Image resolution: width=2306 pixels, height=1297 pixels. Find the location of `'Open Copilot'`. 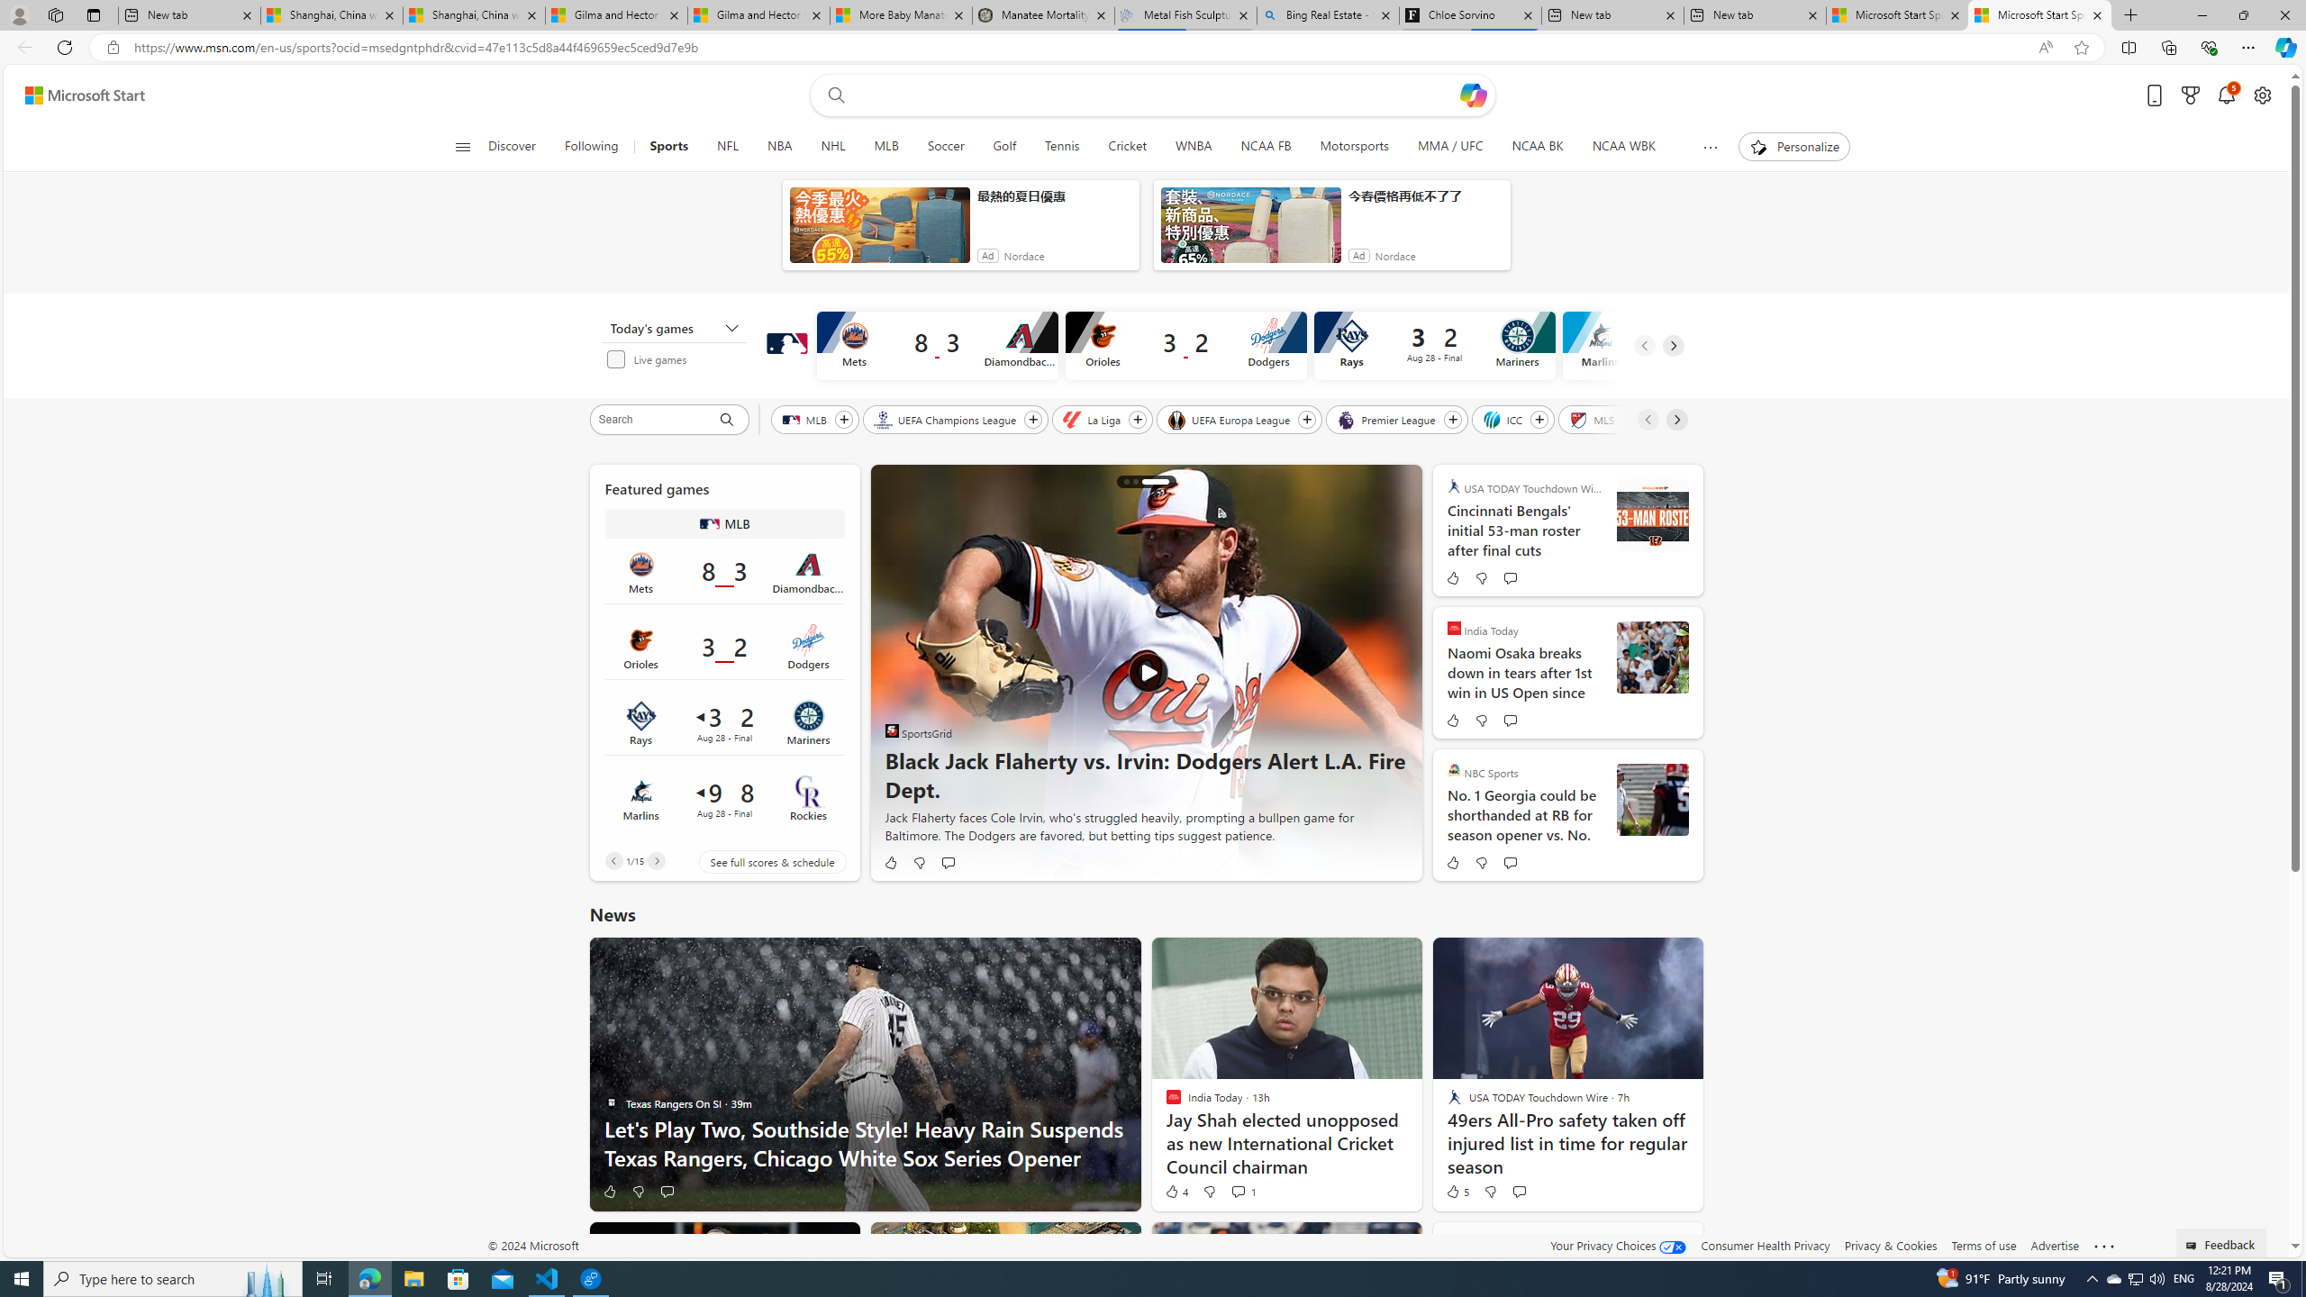

'Open Copilot' is located at coordinates (1472, 94).